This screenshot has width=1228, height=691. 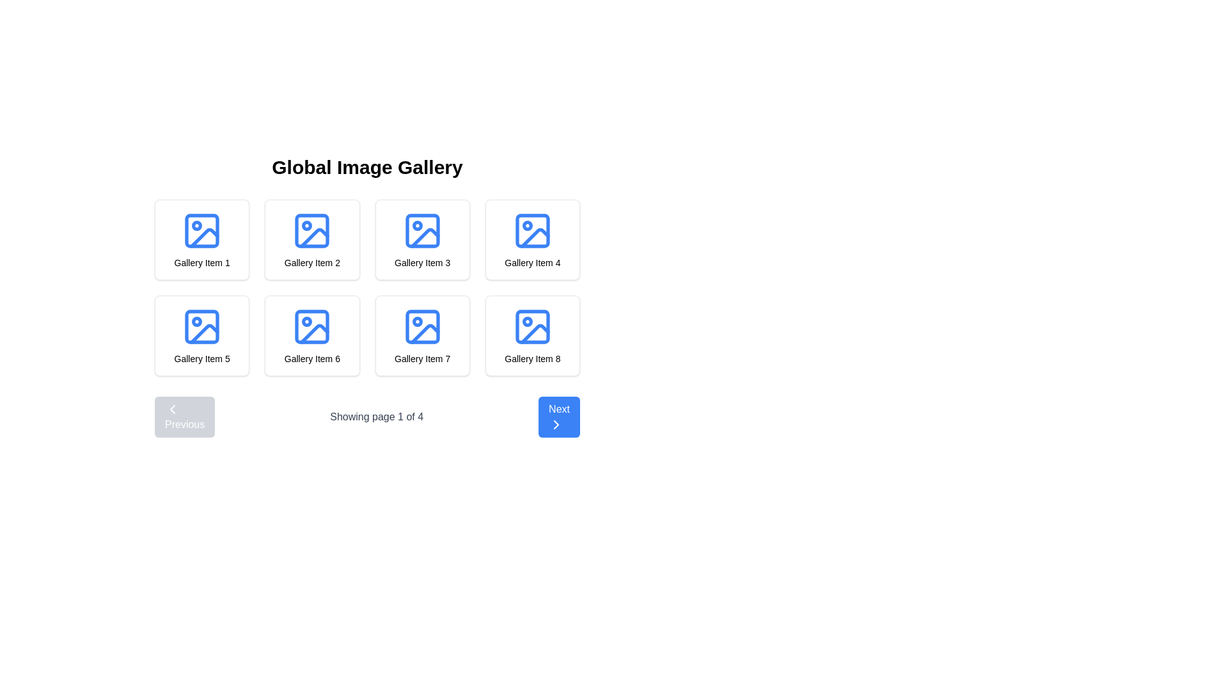 I want to click on the Decorative shape, which is a rounded rectangle with blue styling located in the top-right quadrant of Gallery Item 3, so click(x=422, y=231).